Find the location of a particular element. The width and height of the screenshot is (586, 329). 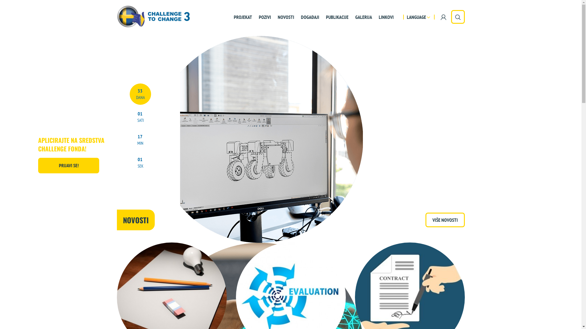

'PROJEKAT' is located at coordinates (230, 16).